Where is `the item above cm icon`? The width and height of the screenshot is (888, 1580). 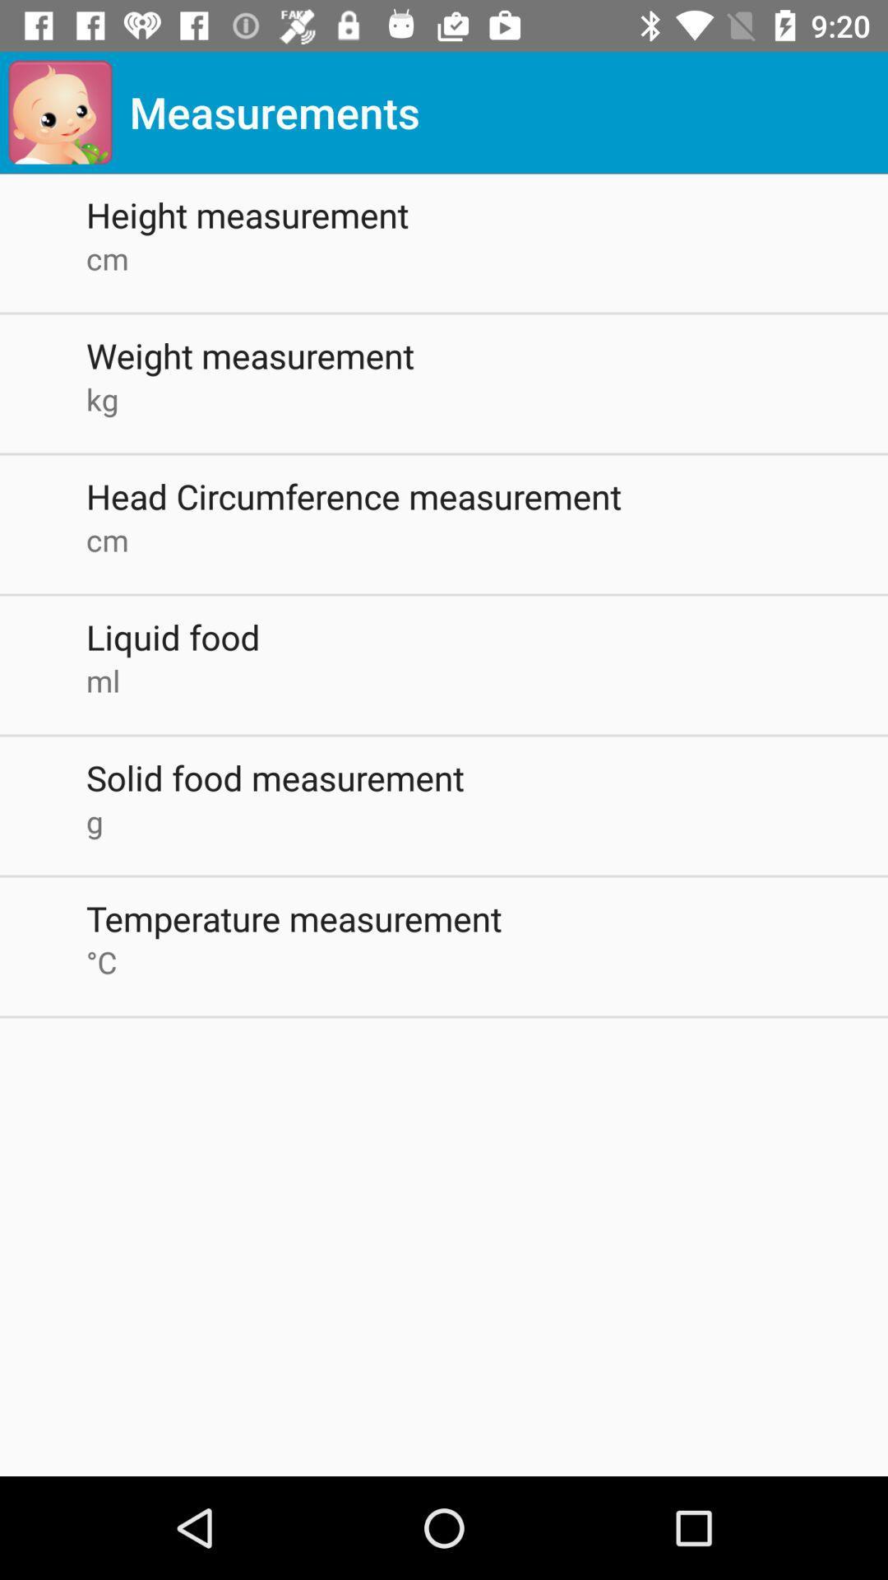 the item above cm icon is located at coordinates (486, 495).